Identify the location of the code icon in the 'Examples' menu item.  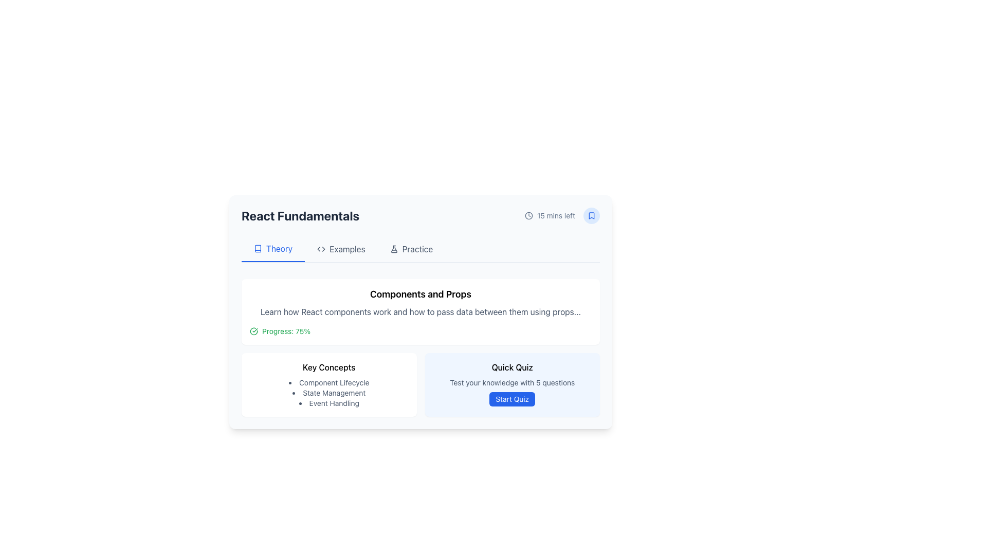
(321, 249).